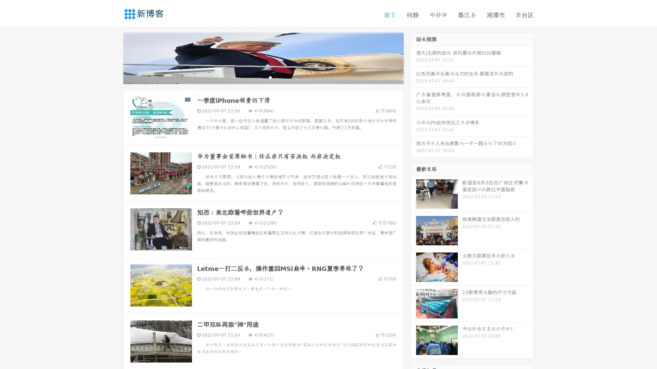 Image resolution: width=657 pixels, height=369 pixels. I want to click on Go to slide 3, so click(270, 77).